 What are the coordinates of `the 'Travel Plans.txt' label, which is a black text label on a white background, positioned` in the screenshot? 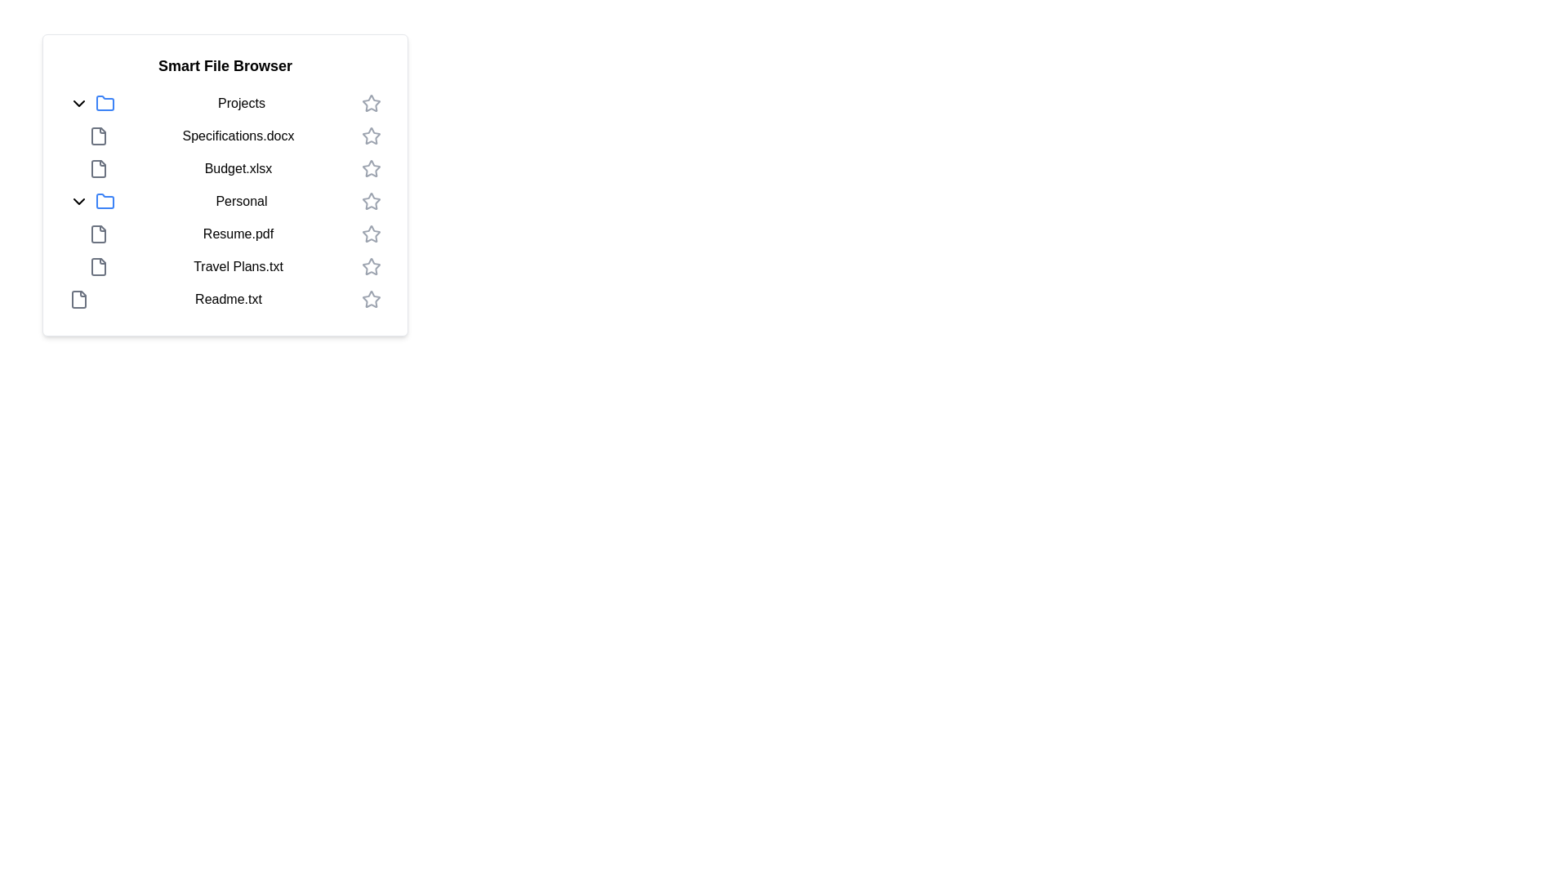 It's located at (238, 266).